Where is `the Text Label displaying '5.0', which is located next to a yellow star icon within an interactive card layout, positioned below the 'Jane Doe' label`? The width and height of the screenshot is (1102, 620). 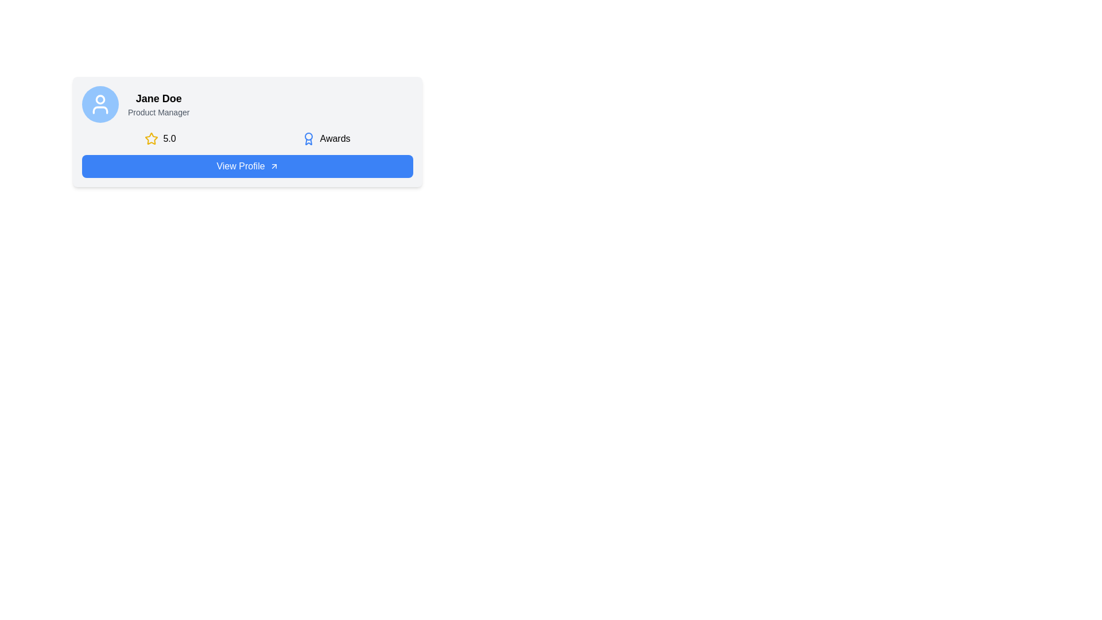 the Text Label displaying '5.0', which is located next to a yellow star icon within an interactive card layout, positioned below the 'Jane Doe' label is located at coordinates (169, 138).